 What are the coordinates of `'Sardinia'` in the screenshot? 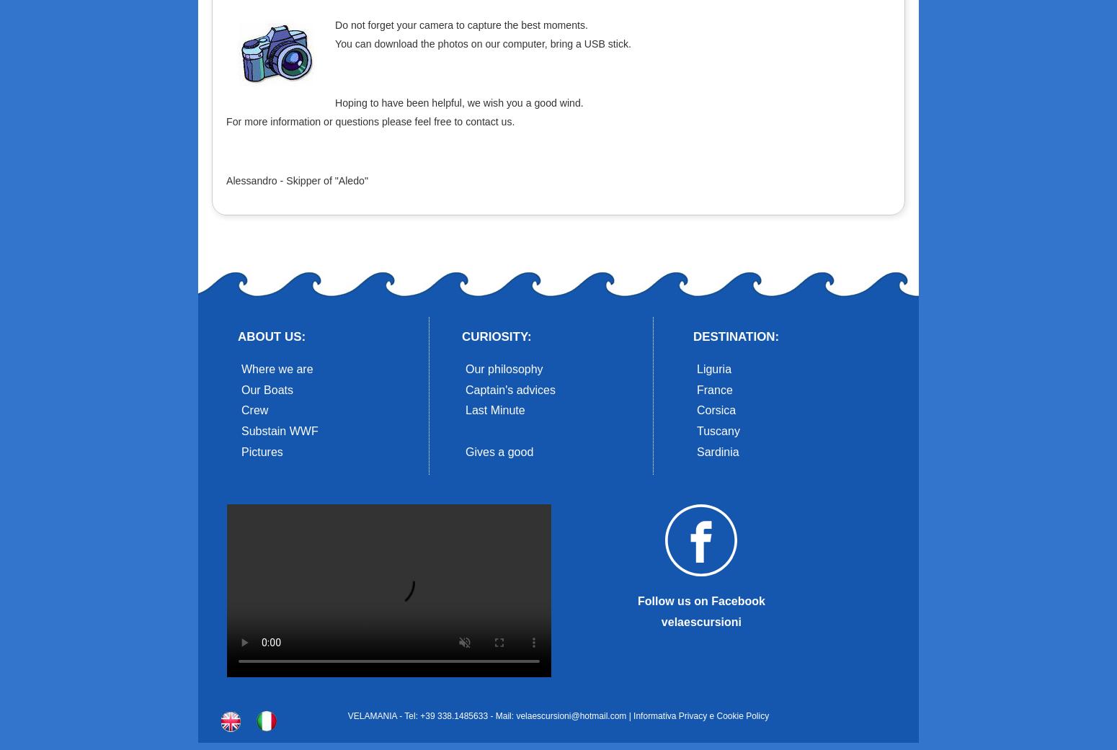 It's located at (717, 451).